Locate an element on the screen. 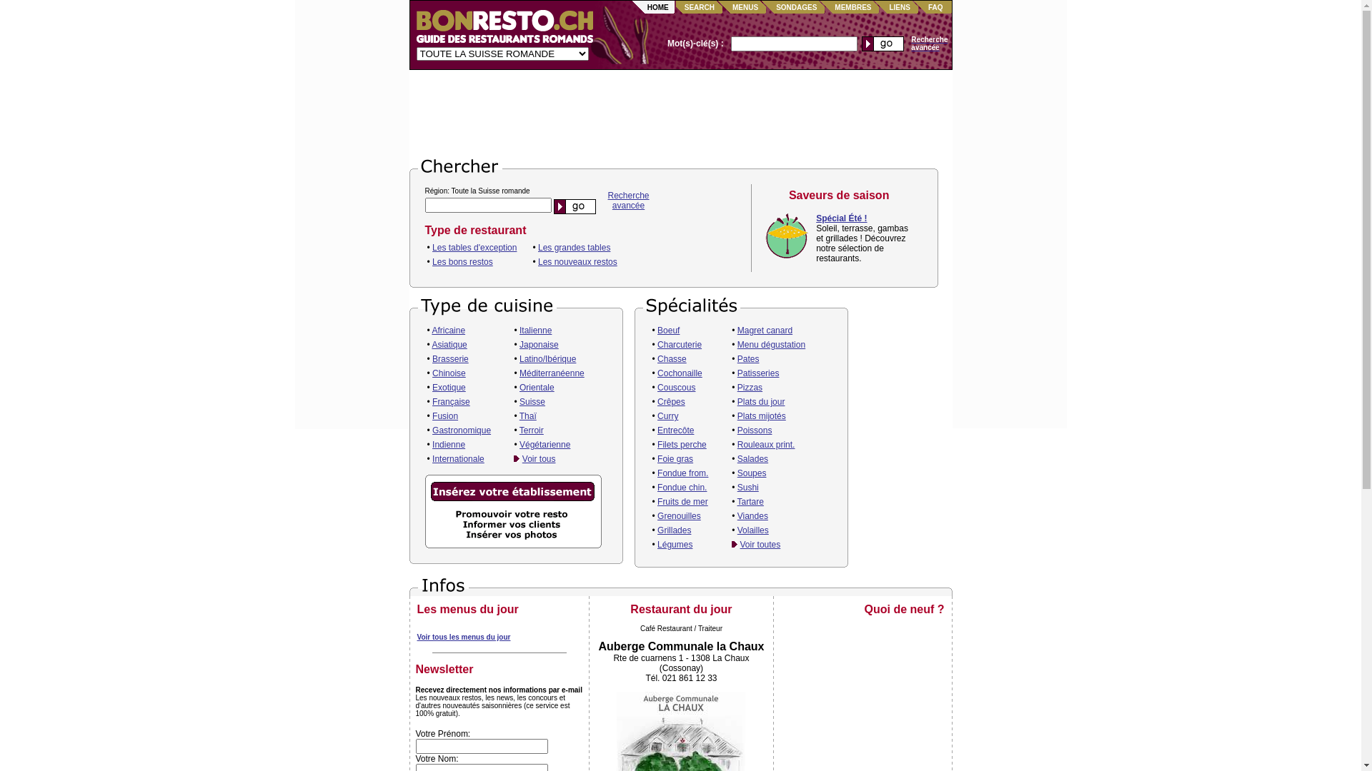  'Sushi' is located at coordinates (747, 486).